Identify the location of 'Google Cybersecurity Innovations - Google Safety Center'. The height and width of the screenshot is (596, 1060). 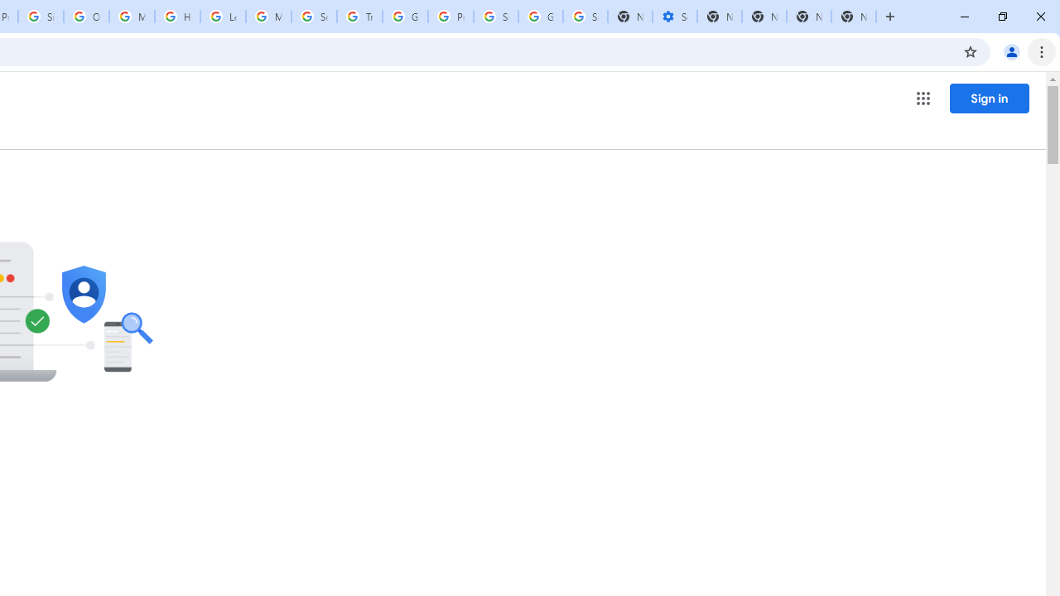
(540, 17).